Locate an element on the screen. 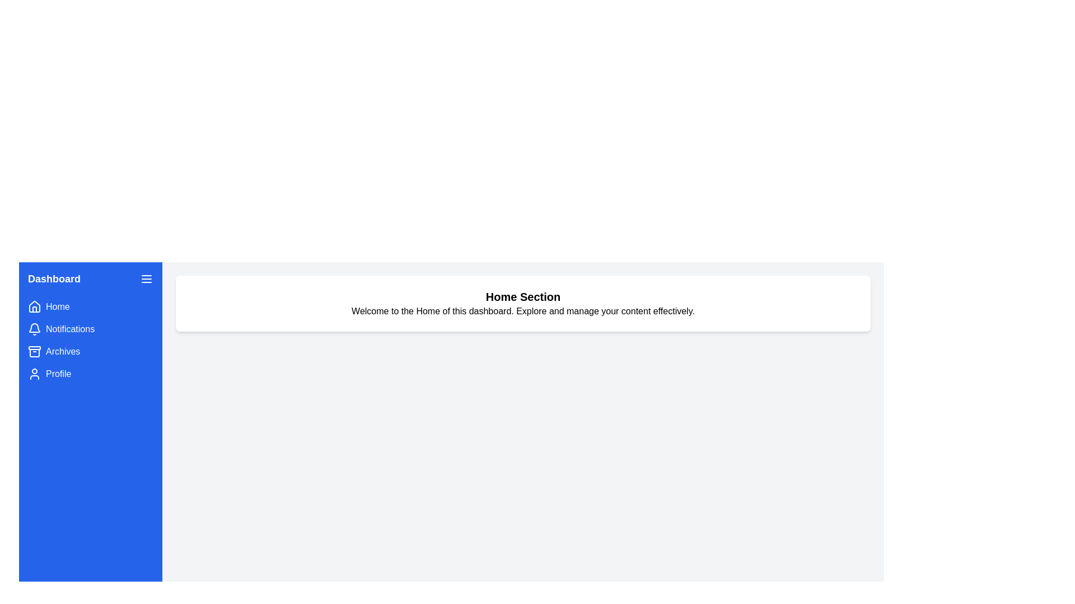  the static text displaying the message 'Welcome to the Home of this dashboard. Explore and manage your content effectively.' which is located below the heading 'Home Section' is located at coordinates (522, 311).